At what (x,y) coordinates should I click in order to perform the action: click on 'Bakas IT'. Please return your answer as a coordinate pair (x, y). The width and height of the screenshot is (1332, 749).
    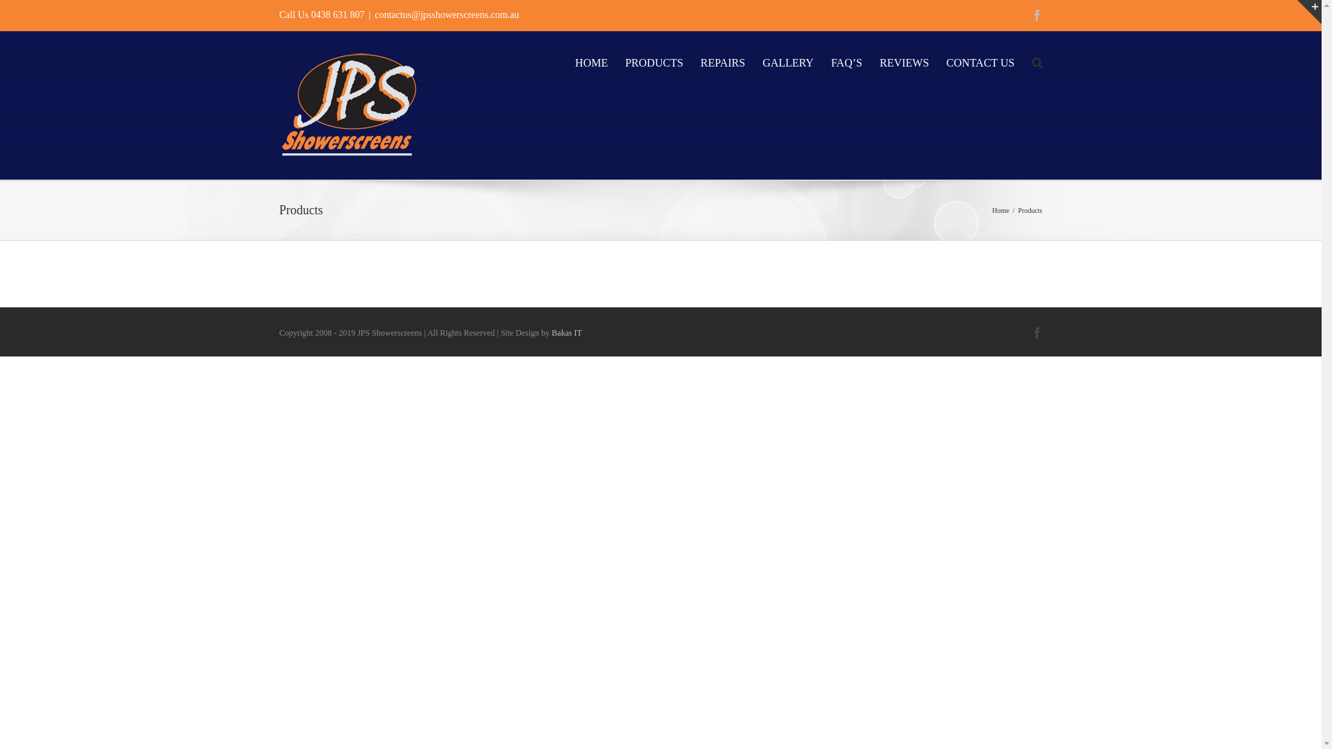
    Looking at the image, I should click on (566, 332).